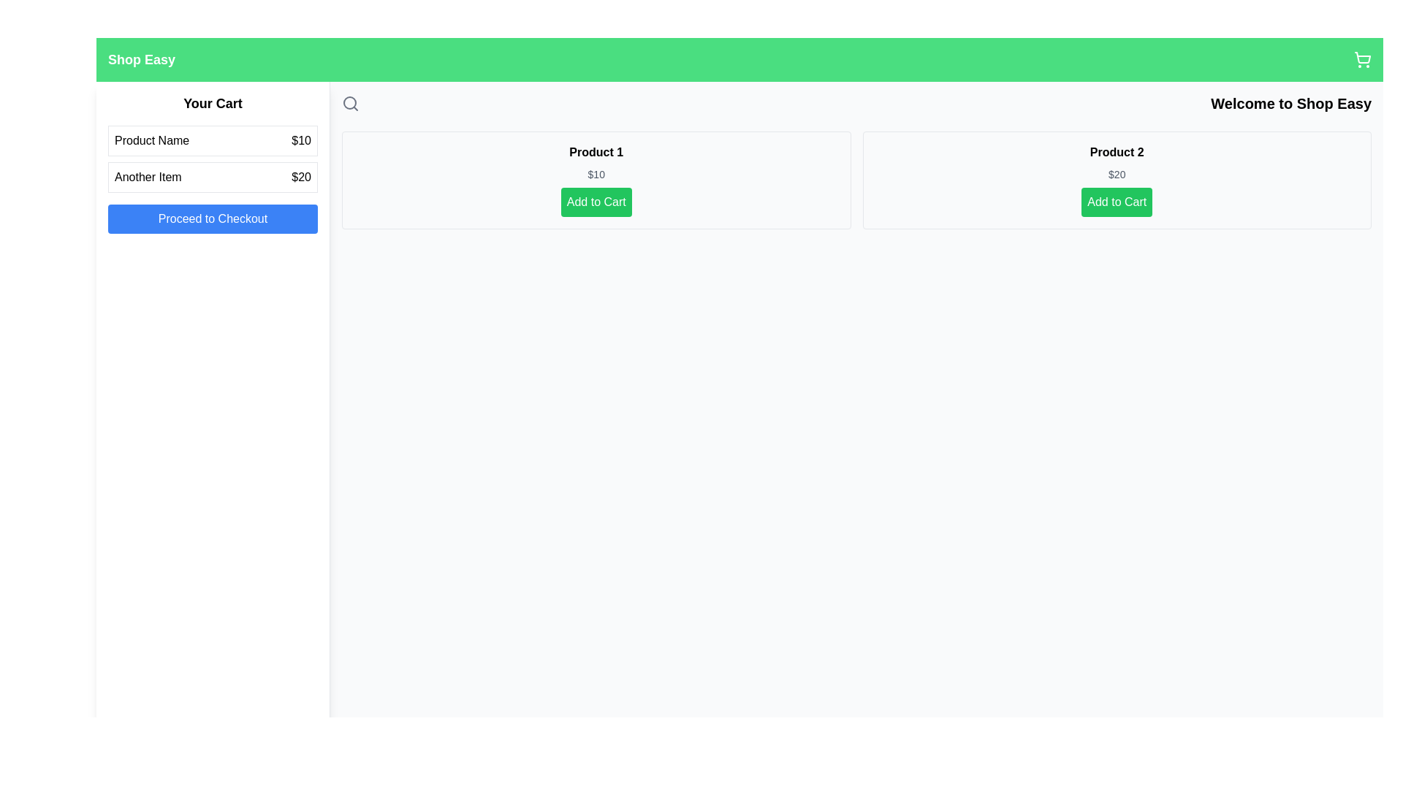  Describe the element at coordinates (152, 140) in the screenshot. I see `text label displaying 'Product Name' located in the left-side panel labeled 'Your Cart', positioned to the left of the '$10' price label` at that location.